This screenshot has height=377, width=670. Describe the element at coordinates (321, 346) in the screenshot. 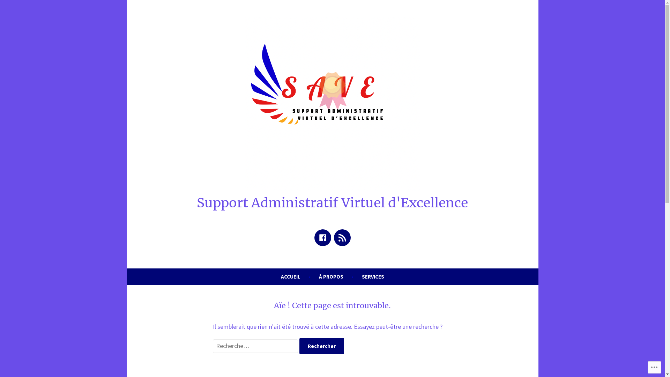

I see `'Rechercher'` at that location.